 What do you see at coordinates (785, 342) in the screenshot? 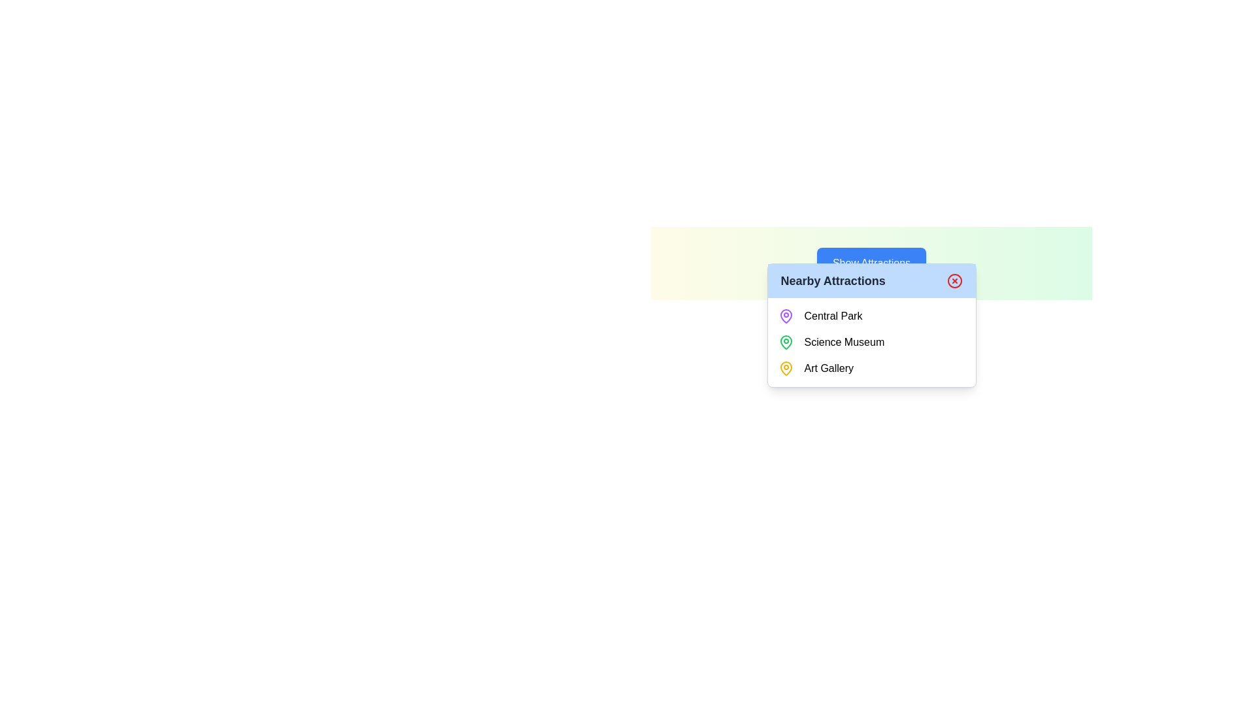
I see `the leftmost icon in the list under the label 'Central Park' in the 'Nearby Attractions' pop-up menu` at bounding box center [785, 342].